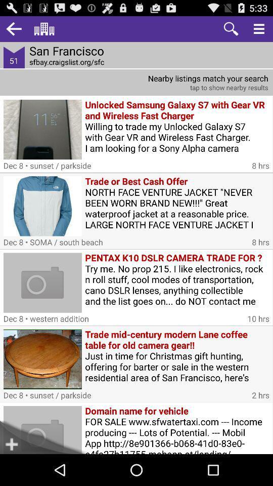  Describe the element at coordinates (136, 82) in the screenshot. I see `tap nearby results` at that location.